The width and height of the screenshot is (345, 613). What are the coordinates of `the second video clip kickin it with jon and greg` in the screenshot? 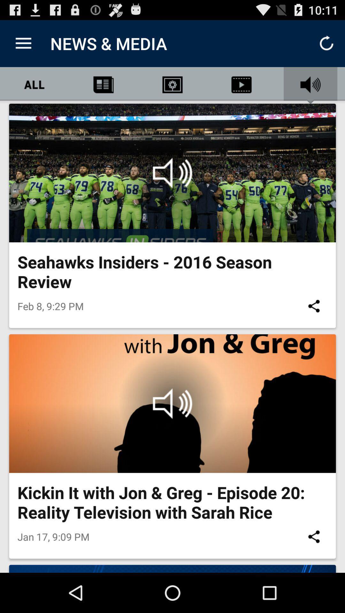 It's located at (172, 403).